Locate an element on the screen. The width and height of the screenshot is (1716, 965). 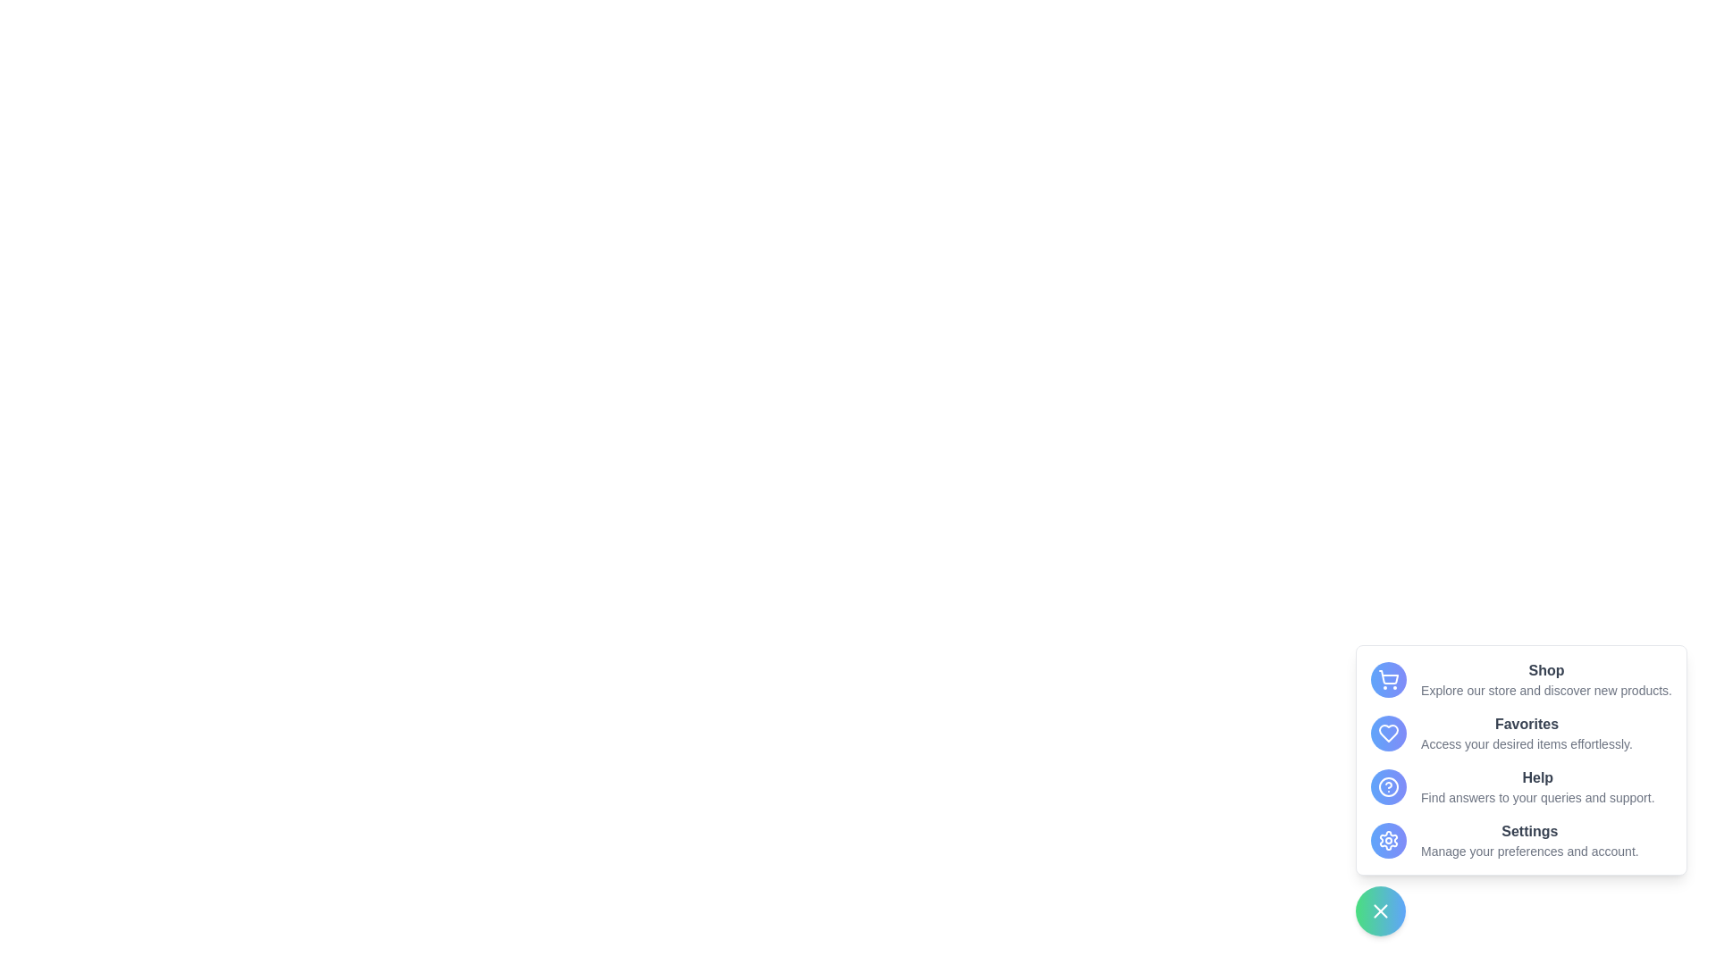
the menu item labeled 'Help' to observe visual feedback is located at coordinates (1520, 785).